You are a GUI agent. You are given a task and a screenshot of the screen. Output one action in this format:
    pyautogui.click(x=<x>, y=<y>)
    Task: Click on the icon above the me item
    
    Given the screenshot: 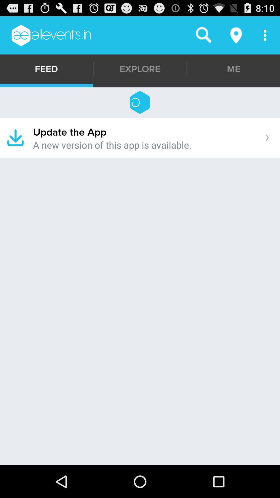 What is the action you would take?
    pyautogui.click(x=236, y=35)
    